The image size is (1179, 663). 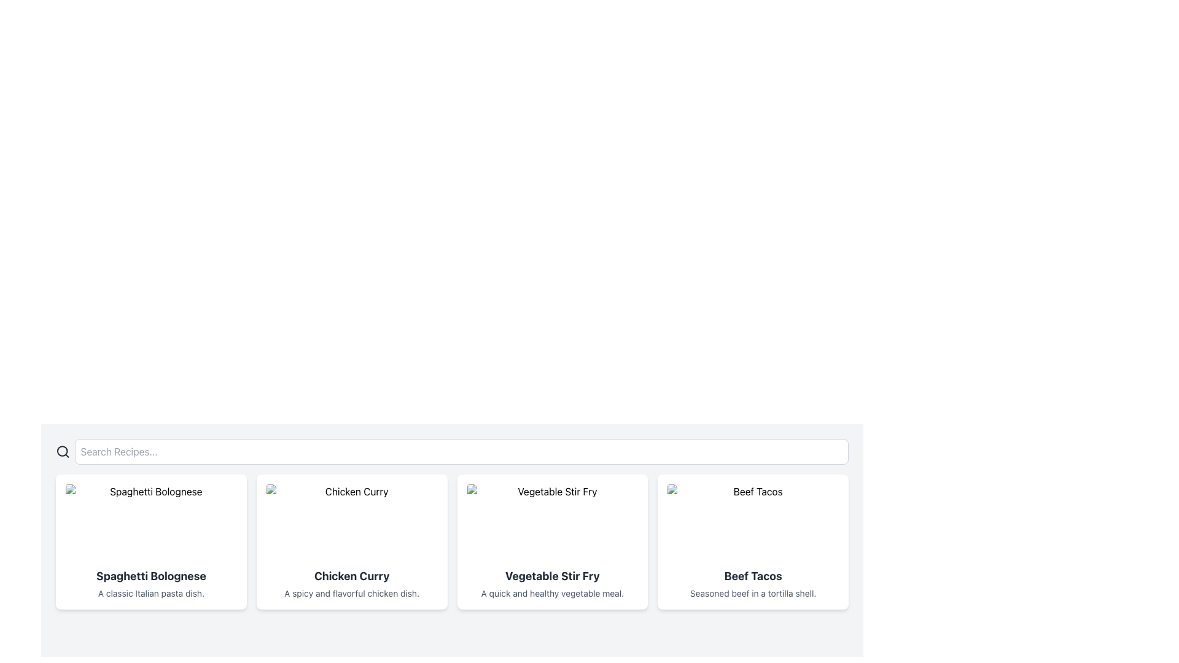 I want to click on the first menu item card in the grid layout, which displays an image with the title and description of a dish, located at the top-left corner of the interface, so click(x=150, y=541).